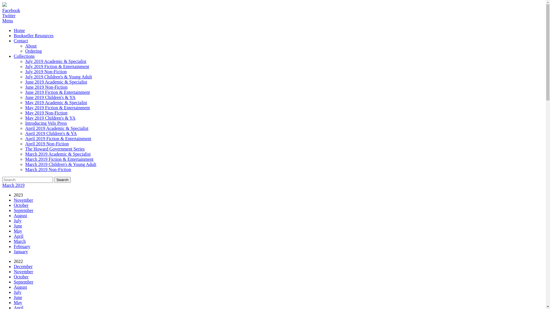 The image size is (550, 309). Describe the element at coordinates (46, 87) in the screenshot. I see `'June 2019 Non-Fiction'` at that location.